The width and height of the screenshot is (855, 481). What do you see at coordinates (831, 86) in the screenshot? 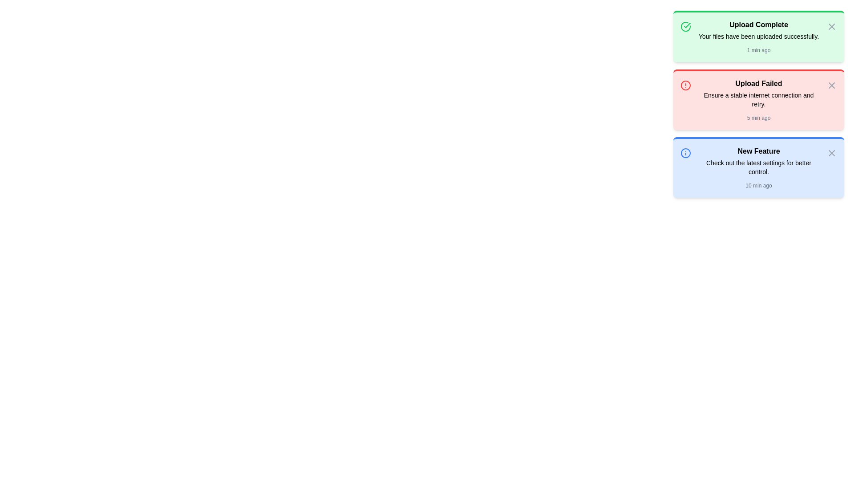
I see `the diagonal line graphic part of the close button located in the top-right corner of the 'Upload Failed' dialog card` at bounding box center [831, 86].